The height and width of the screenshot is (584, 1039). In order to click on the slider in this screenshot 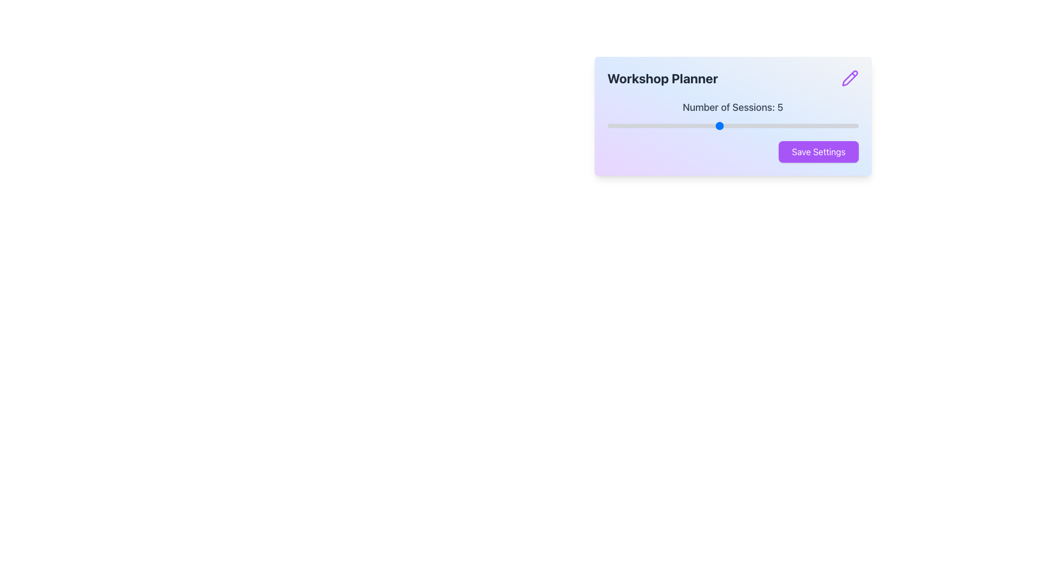, I will do `click(719, 125)`.